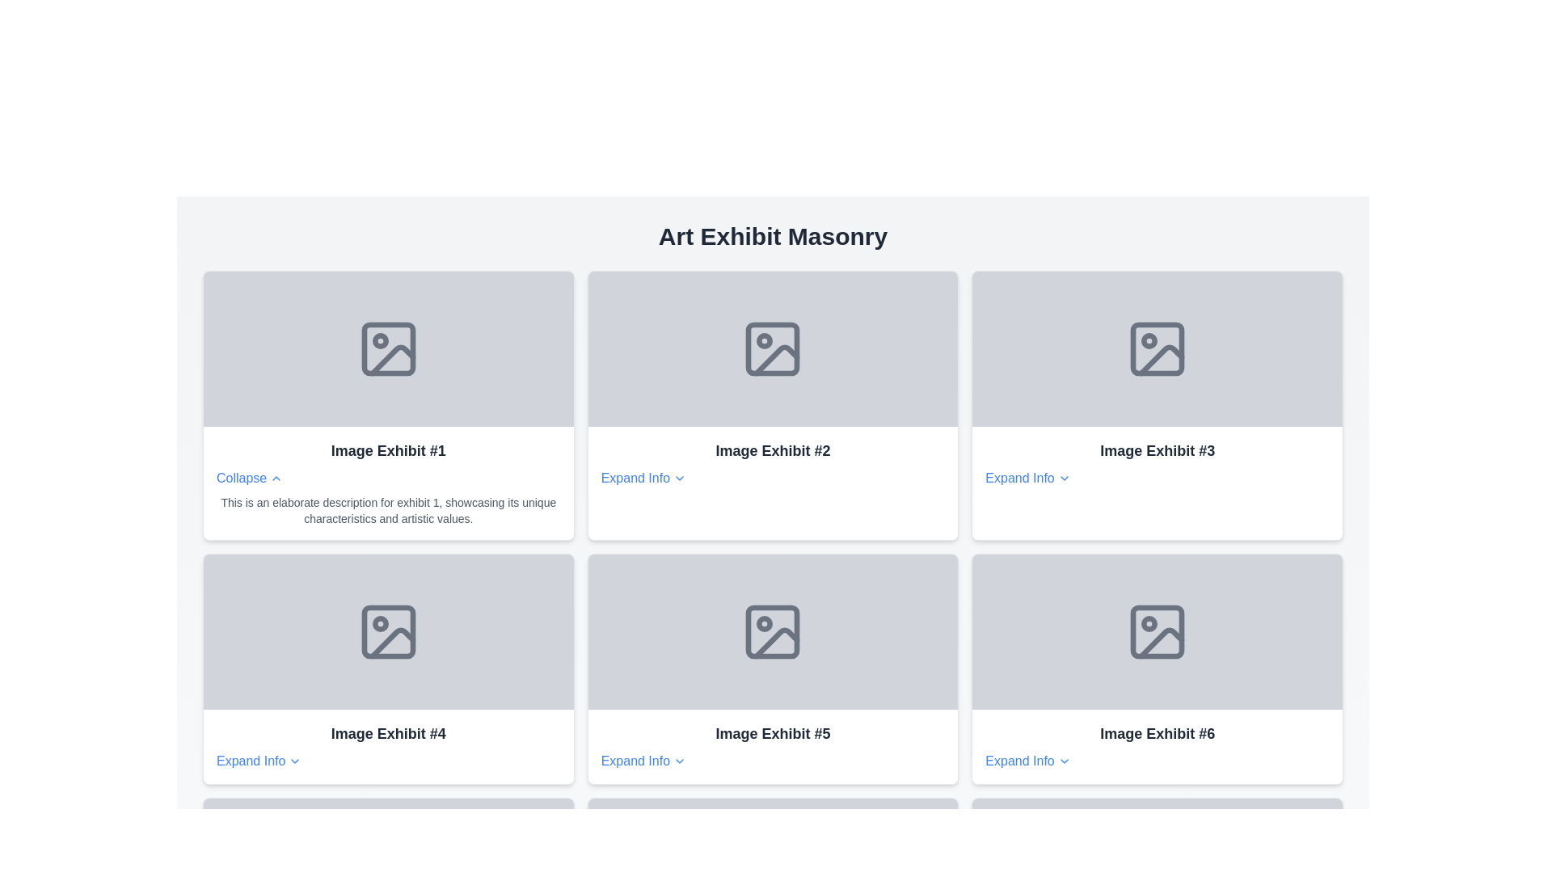 Image resolution: width=1552 pixels, height=873 pixels. Describe the element at coordinates (643, 477) in the screenshot. I see `the blue 'Expand Info' link with a downward chevron icon adjacent to it, located at the bottom of the box labeled 'Image Exhibit #2'` at that location.